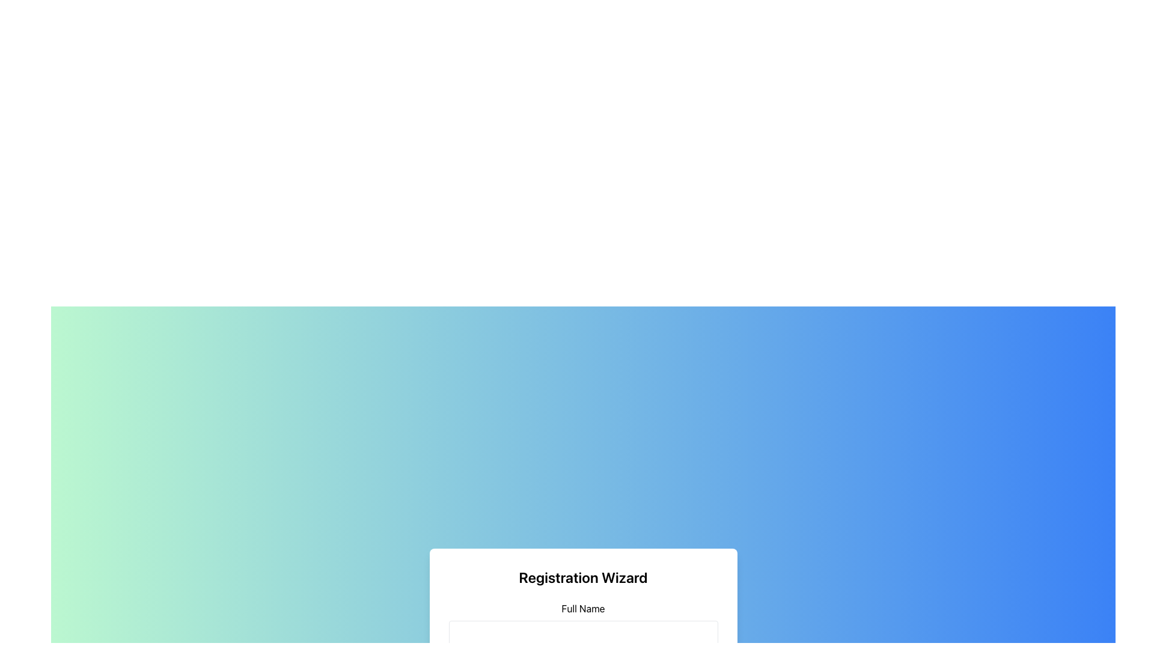 This screenshot has width=1154, height=649. I want to click on the 'Full Name' label which is centrally aligned in the registration form section, located above the corresponding input field, so click(583, 609).